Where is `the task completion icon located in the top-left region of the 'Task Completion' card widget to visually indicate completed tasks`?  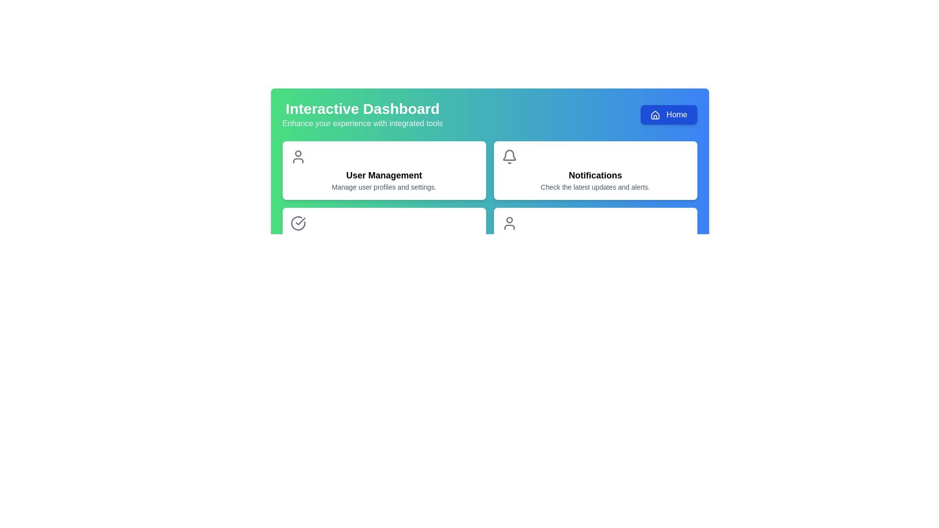 the task completion icon located in the top-left region of the 'Task Completion' card widget to visually indicate completed tasks is located at coordinates (297, 223).